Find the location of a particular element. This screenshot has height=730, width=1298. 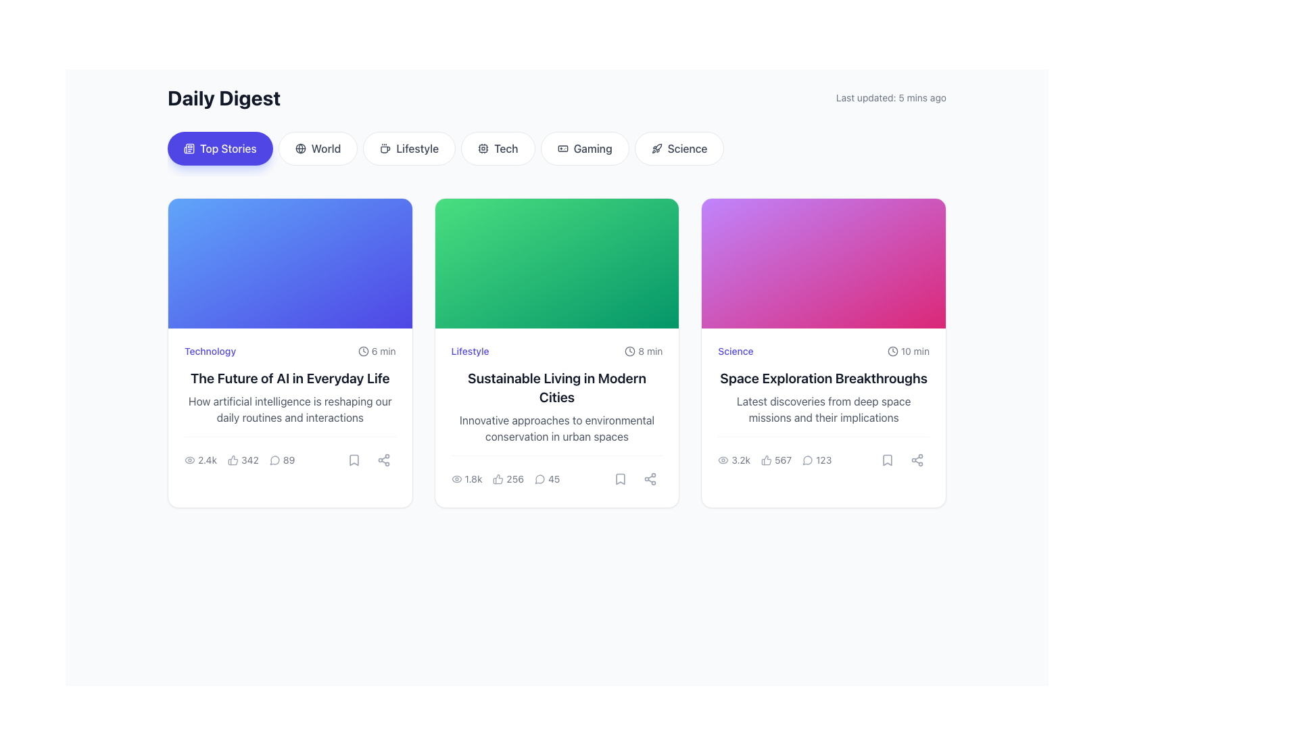

the comment count icon and number associated with the 'Sustainable Living in Modern Cities' article located in the bottom section of the middle card is located at coordinates (547, 479).